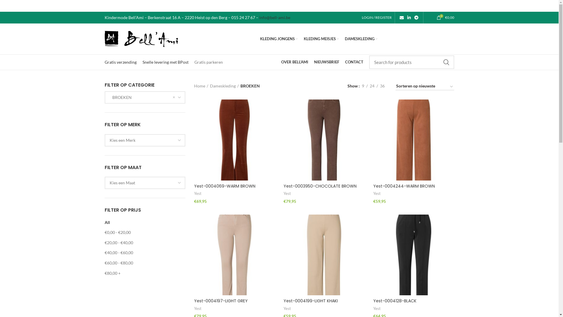 This screenshot has width=563, height=317. Describe the element at coordinates (310, 301) in the screenshot. I see `'Yest-0004199-LIGHT KHAKI'` at that location.